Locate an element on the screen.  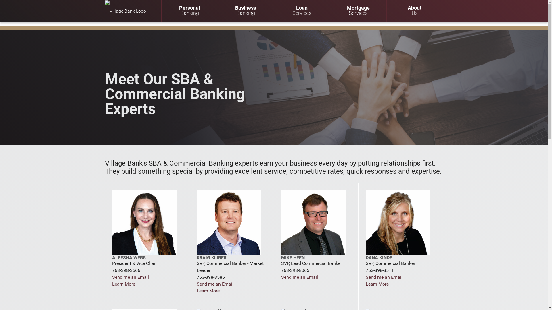
'Send me an Email' is located at coordinates (215, 284).